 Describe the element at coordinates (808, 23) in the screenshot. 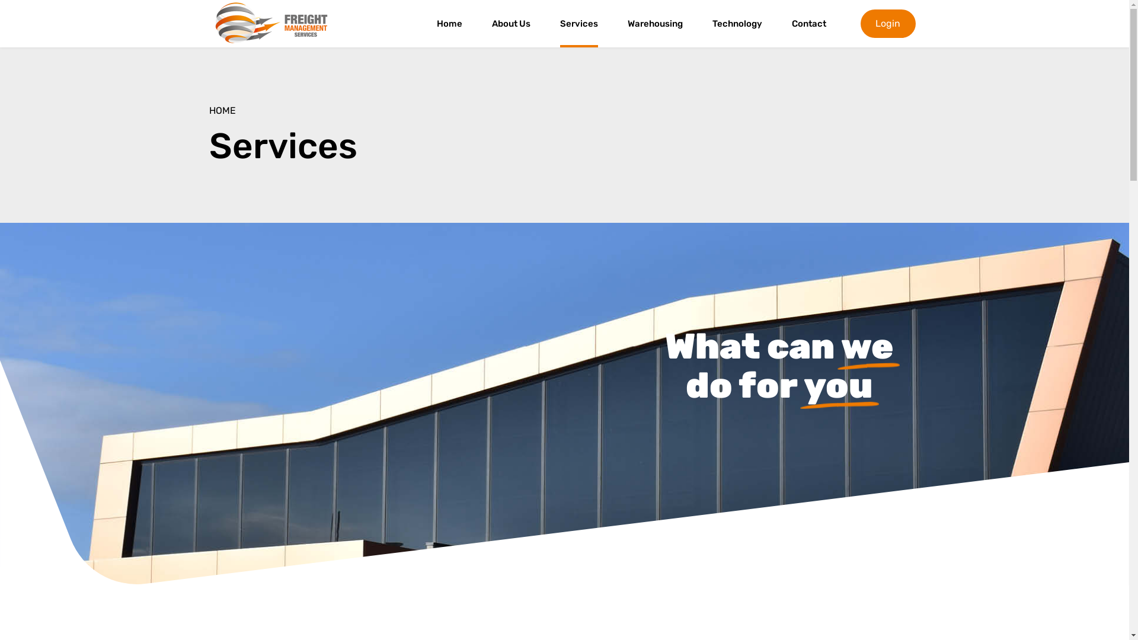

I see `'Contact'` at that location.